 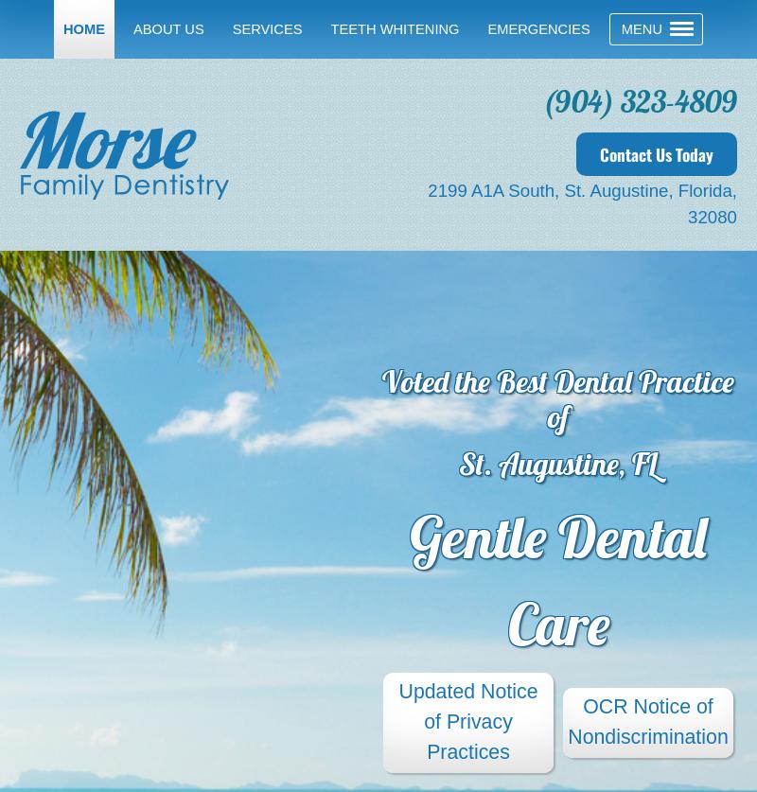 I want to click on 'St. Augustine, FL', so click(x=557, y=462).